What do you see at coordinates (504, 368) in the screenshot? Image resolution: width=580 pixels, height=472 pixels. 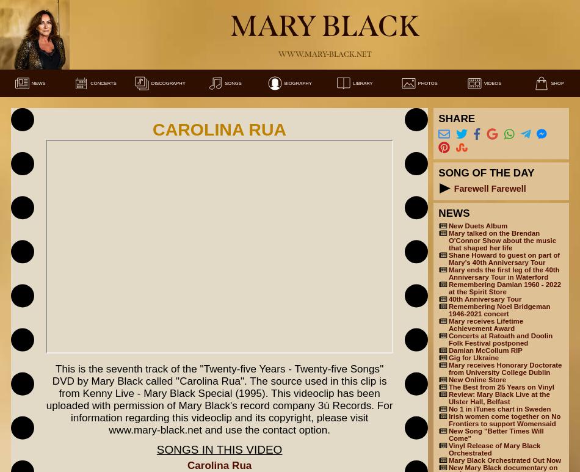 I see `'Mary receives Honorary Doctorate from University College Dublin'` at bounding box center [504, 368].